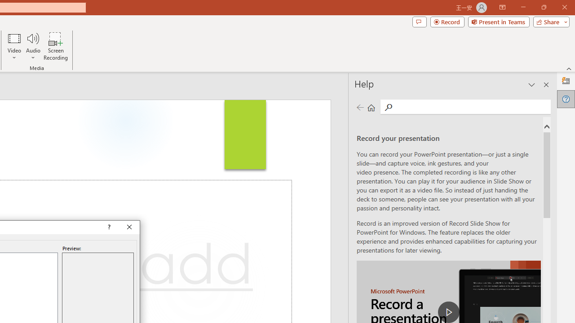  What do you see at coordinates (360, 107) in the screenshot?
I see `'Previous page'` at bounding box center [360, 107].